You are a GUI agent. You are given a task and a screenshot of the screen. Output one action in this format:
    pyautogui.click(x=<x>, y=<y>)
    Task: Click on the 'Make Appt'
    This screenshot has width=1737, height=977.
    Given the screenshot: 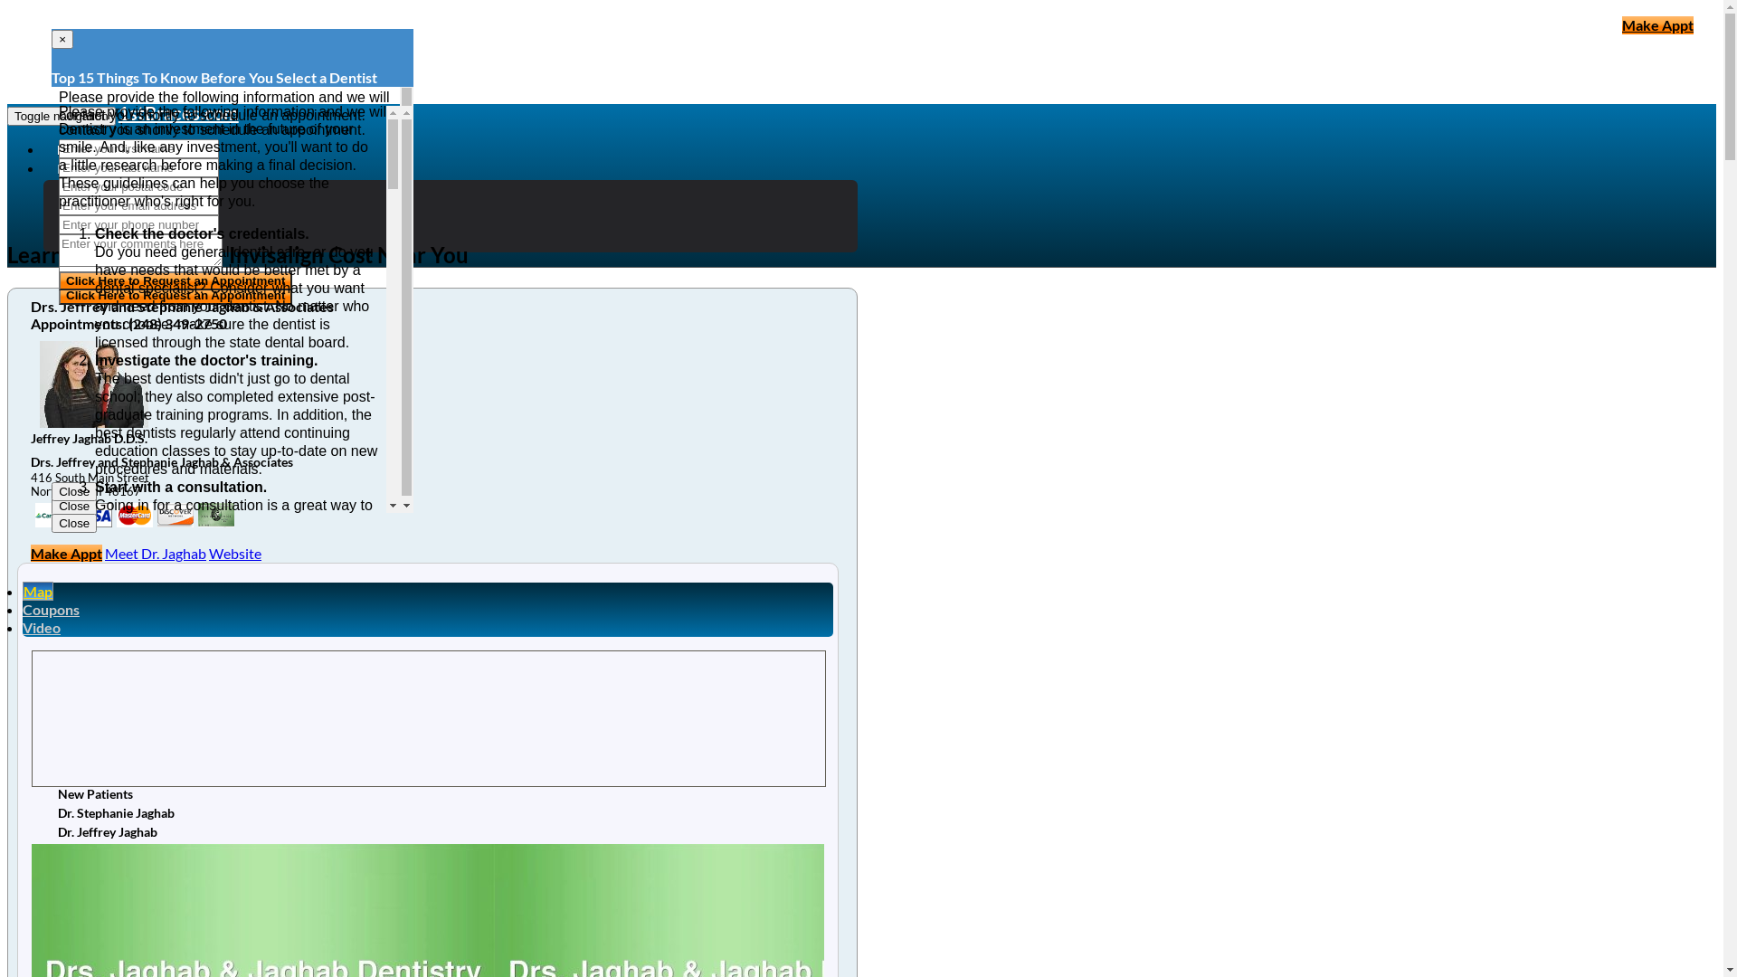 What is the action you would take?
    pyautogui.click(x=1657, y=24)
    